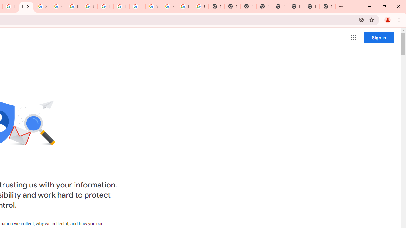 This screenshot has width=406, height=228. Describe the element at coordinates (106, 6) in the screenshot. I see `'Privacy Help Center - Policies Help'` at that location.